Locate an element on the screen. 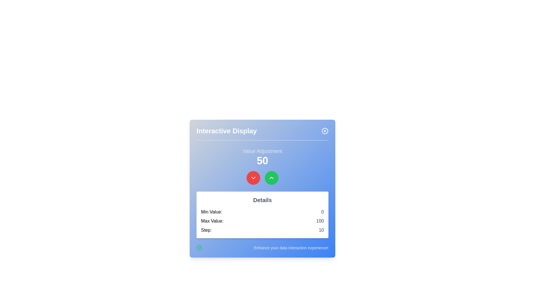 The image size is (546, 307). the bold text element reading 'Details', which is styled in a larger gray font and located in a white box above the information about minimum, maximum, and step values is located at coordinates (262, 200).